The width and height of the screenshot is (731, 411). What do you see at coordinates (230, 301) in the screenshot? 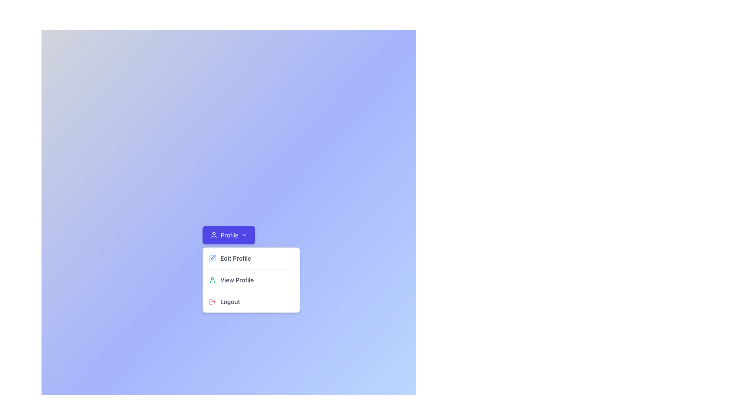
I see `the 'Logout' text label located in the dropdown menu, positioned below 'View Profile' and next to a red log-out icon` at bounding box center [230, 301].